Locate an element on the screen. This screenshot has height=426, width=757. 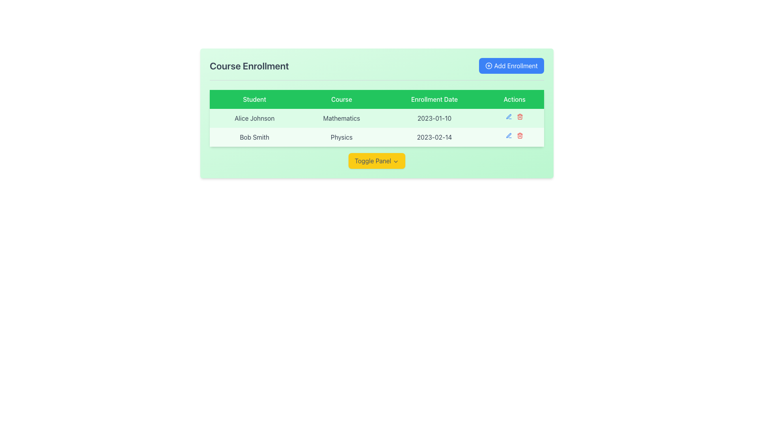
the static text label displaying the name 'Alice Johnson', which represents a student in the enrollment data is located at coordinates (254, 118).